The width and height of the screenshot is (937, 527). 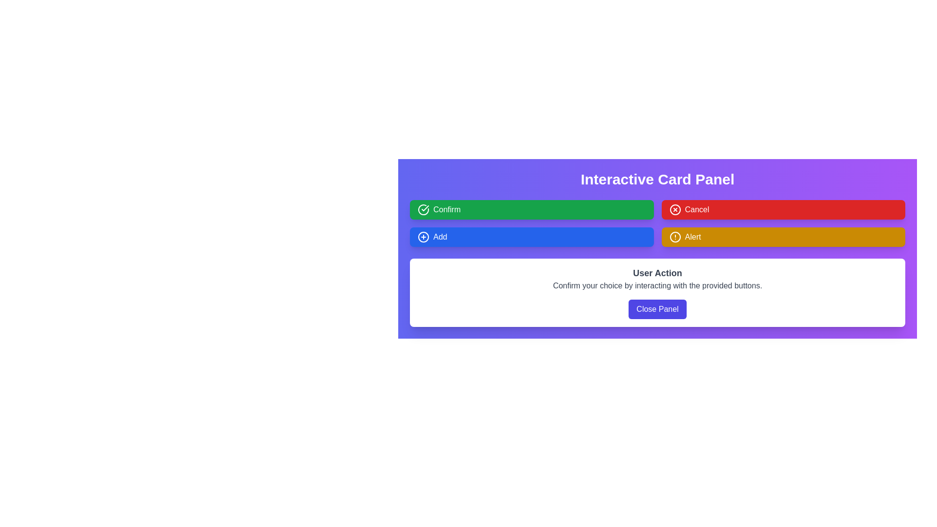 What do you see at coordinates (674, 237) in the screenshot?
I see `the 'Alert' button which contains a circular icon with a yellow outline and a white exclamation mark, positioned to the left of the button labeled 'Alert'` at bounding box center [674, 237].